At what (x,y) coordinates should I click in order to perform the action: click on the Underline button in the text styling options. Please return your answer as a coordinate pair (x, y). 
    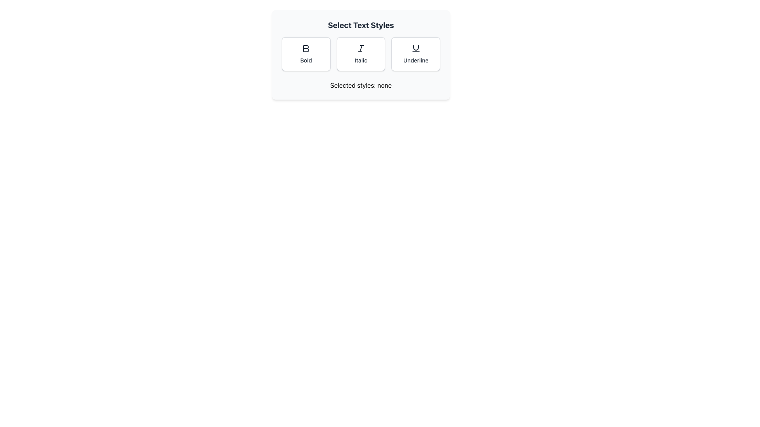
    Looking at the image, I should click on (415, 49).